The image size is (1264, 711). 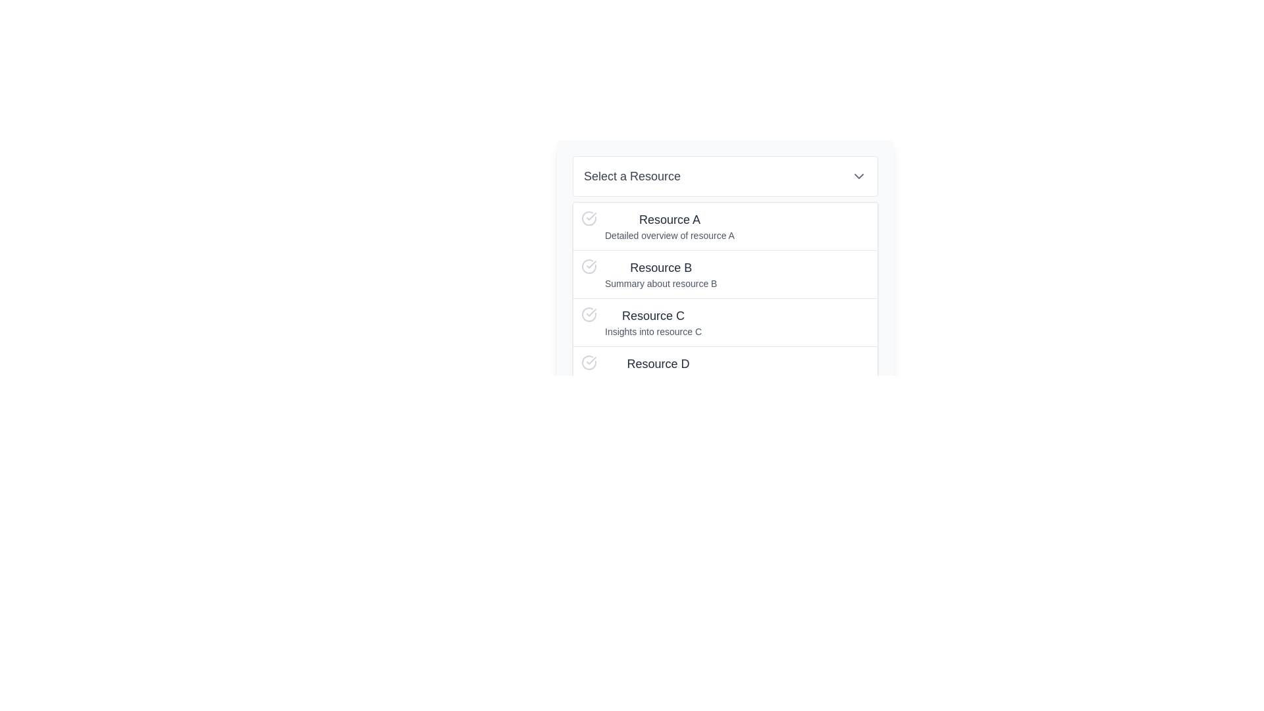 What do you see at coordinates (588, 217) in the screenshot?
I see `the circular gray icon with a checkmark indicating a completed state, located near the text 'Resource A' in the top-left corner of the interface` at bounding box center [588, 217].